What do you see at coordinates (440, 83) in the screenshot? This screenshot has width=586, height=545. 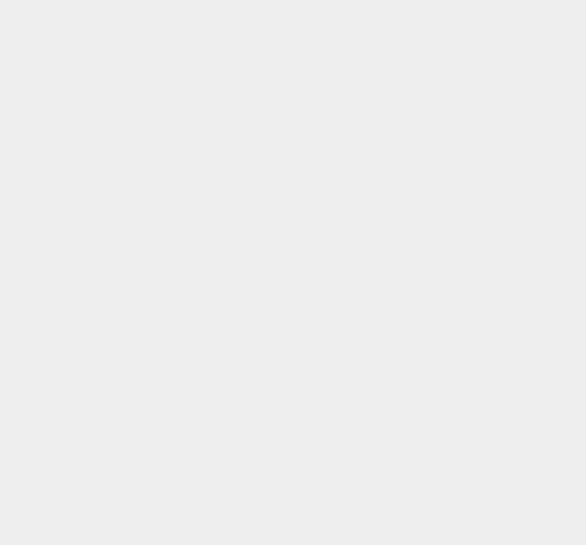 I see `'Internet Explorer'` at bounding box center [440, 83].